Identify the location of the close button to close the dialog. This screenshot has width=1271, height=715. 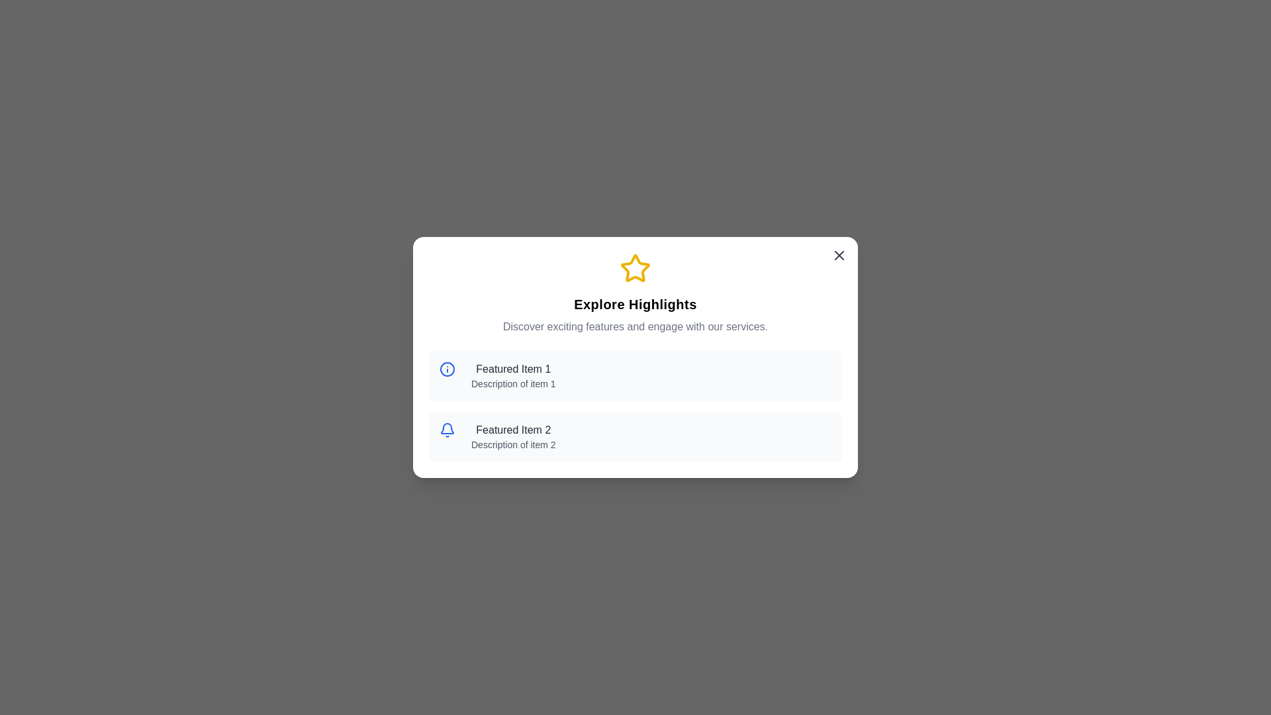
(838, 255).